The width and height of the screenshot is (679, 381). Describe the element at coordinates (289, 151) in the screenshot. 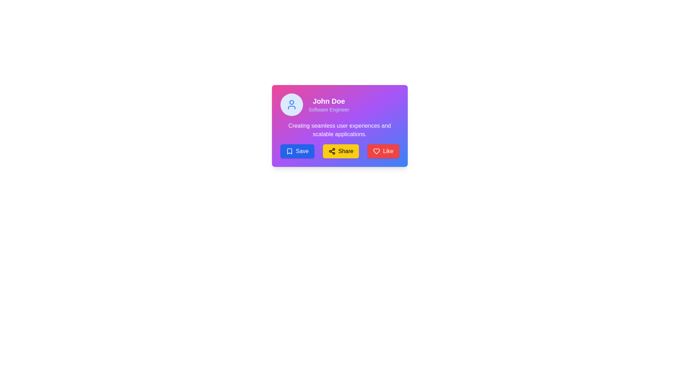

I see `the vertical bookmark icon with a blue border and white interior, which is part of the 'Save' button and positioned to the left of the 'Save' text` at that location.